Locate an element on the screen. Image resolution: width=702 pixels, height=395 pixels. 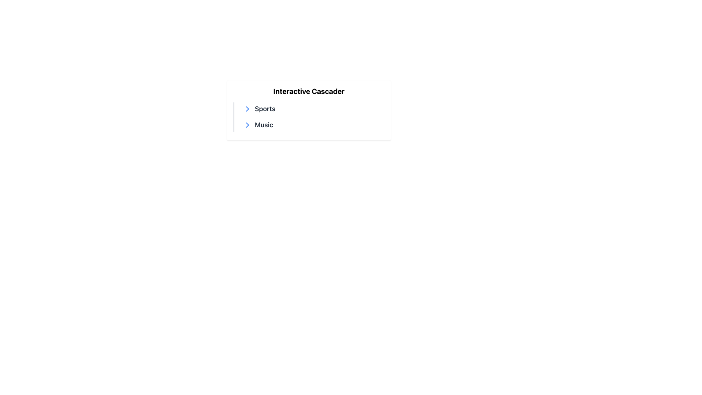
the chevron icon to the left of the 'Sports' text in the interactive cascader is located at coordinates (247, 125).